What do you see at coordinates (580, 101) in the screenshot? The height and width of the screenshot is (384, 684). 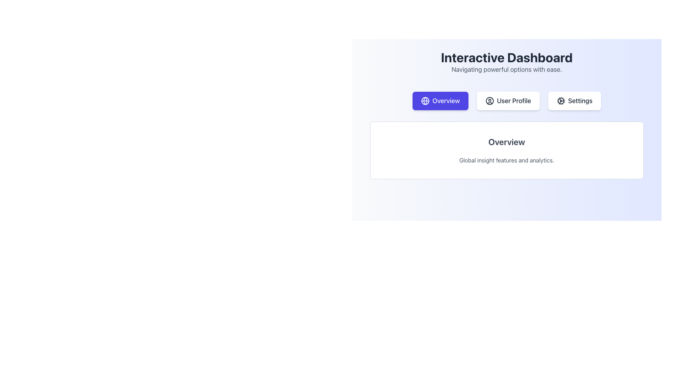 I see `the text label that reads 'Settings', which is styled with a medium font weight and is located on the rightmost side of a horizontal row of buttons, immediately following the 'User Profile' button` at bounding box center [580, 101].